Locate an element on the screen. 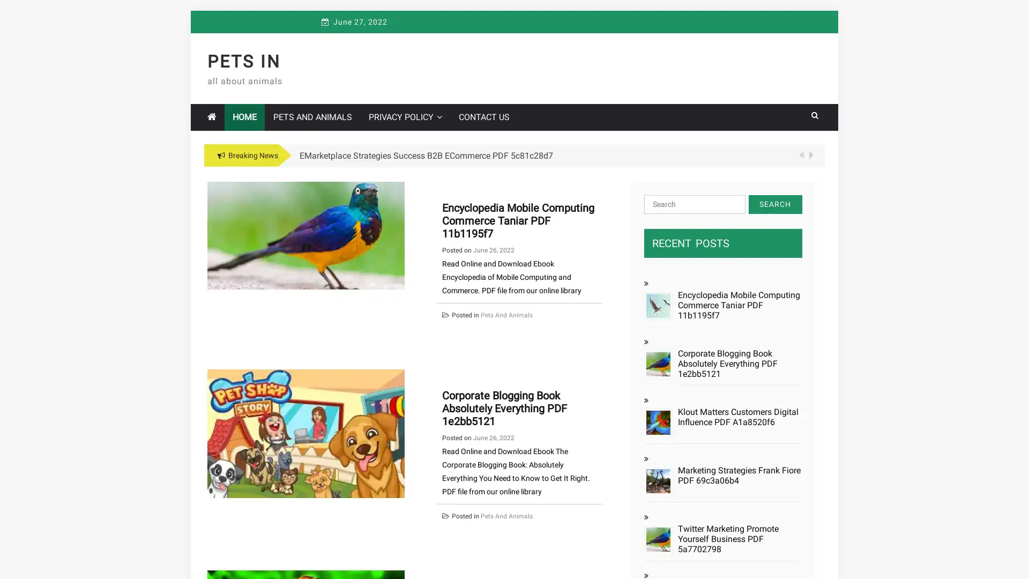  Search is located at coordinates (774, 204).